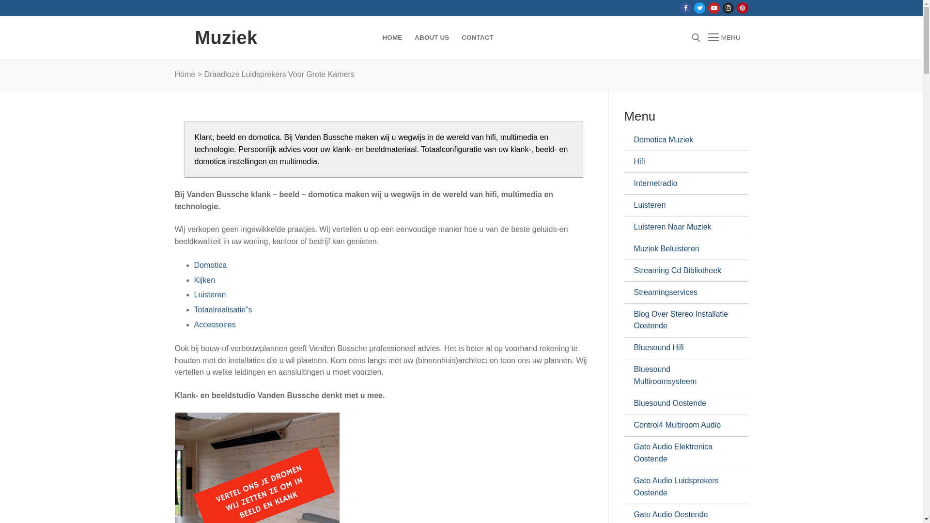 This screenshot has height=523, width=930. Describe the element at coordinates (724, 37) in the screenshot. I see `'MENU'` at that location.